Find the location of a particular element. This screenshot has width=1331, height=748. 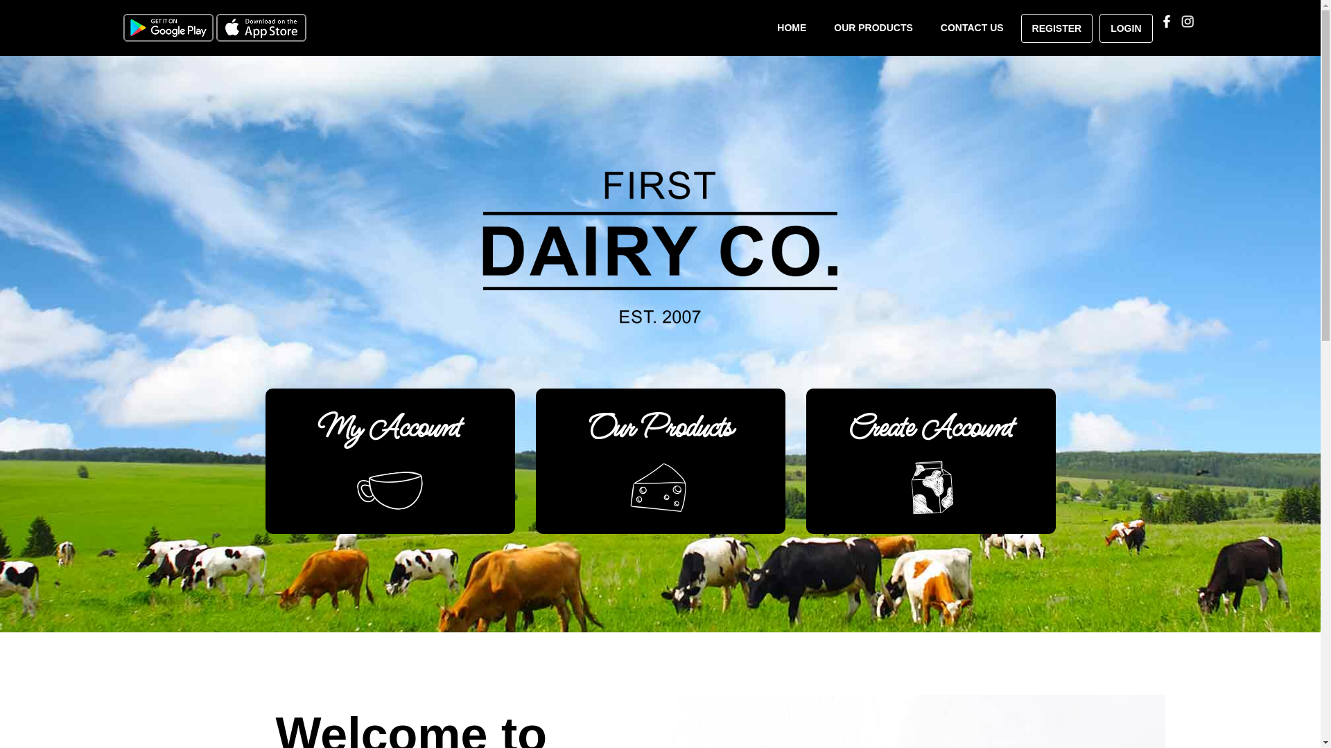

'CONTACT US' is located at coordinates (971, 27).